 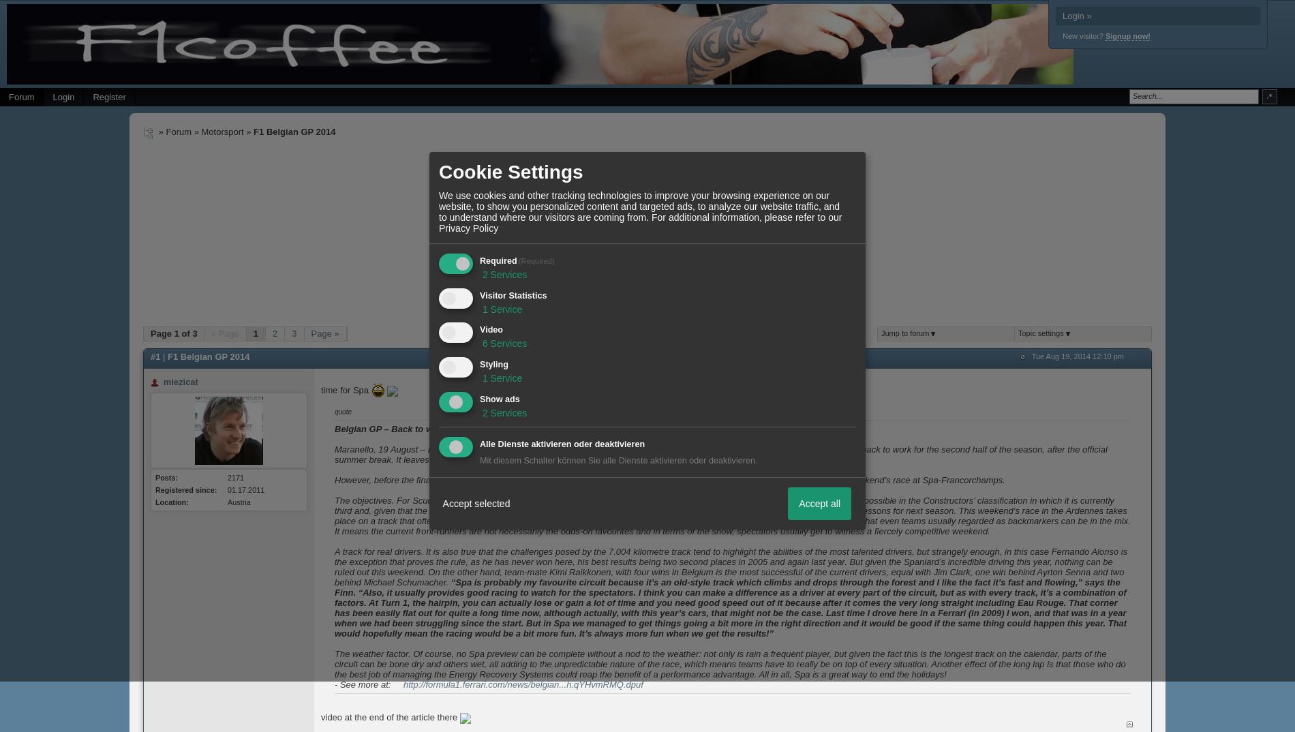 I want to click on 'Austria', so click(x=238, y=502).